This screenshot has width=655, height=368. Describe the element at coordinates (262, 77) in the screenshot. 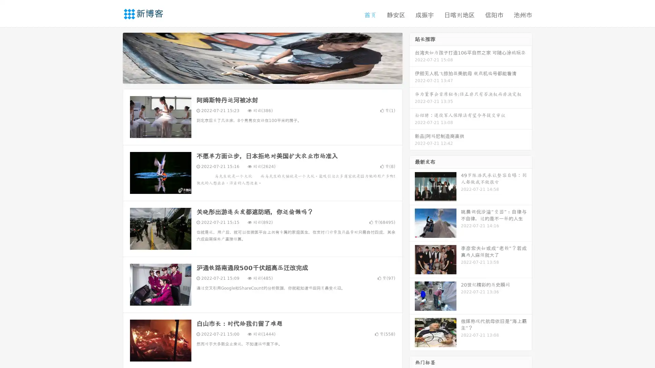

I see `Go to slide 2` at that location.